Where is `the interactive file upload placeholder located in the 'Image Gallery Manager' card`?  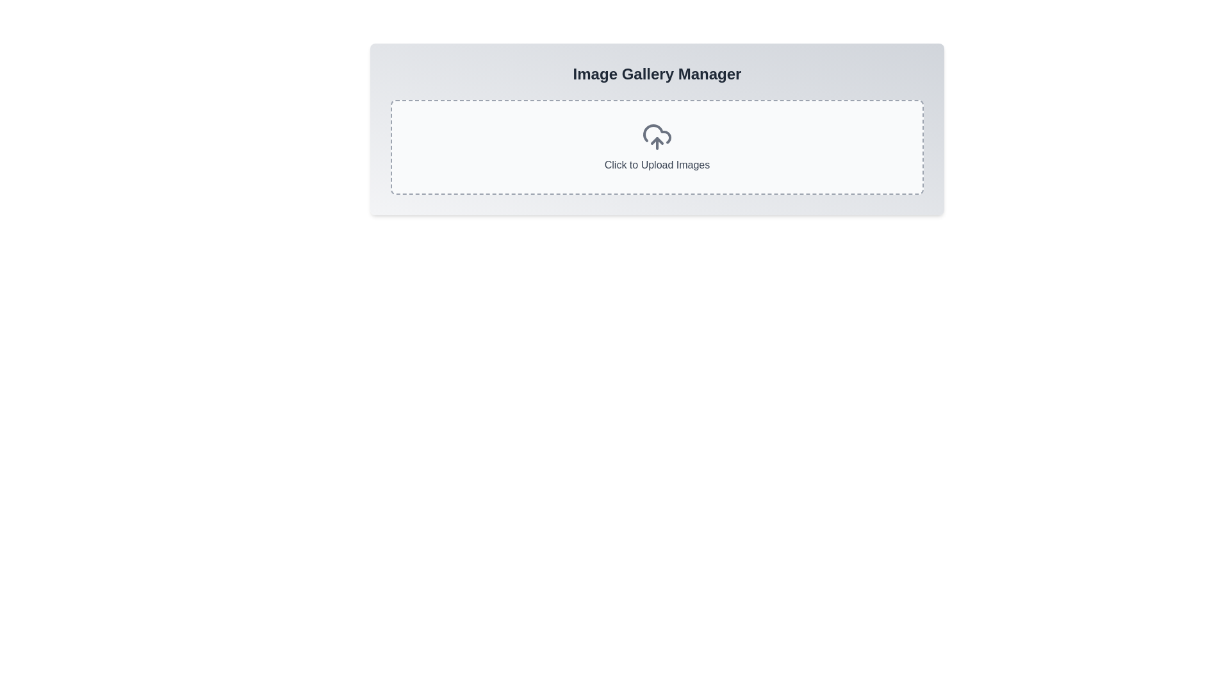 the interactive file upload placeholder located in the 'Image Gallery Manager' card is located at coordinates (657, 147).